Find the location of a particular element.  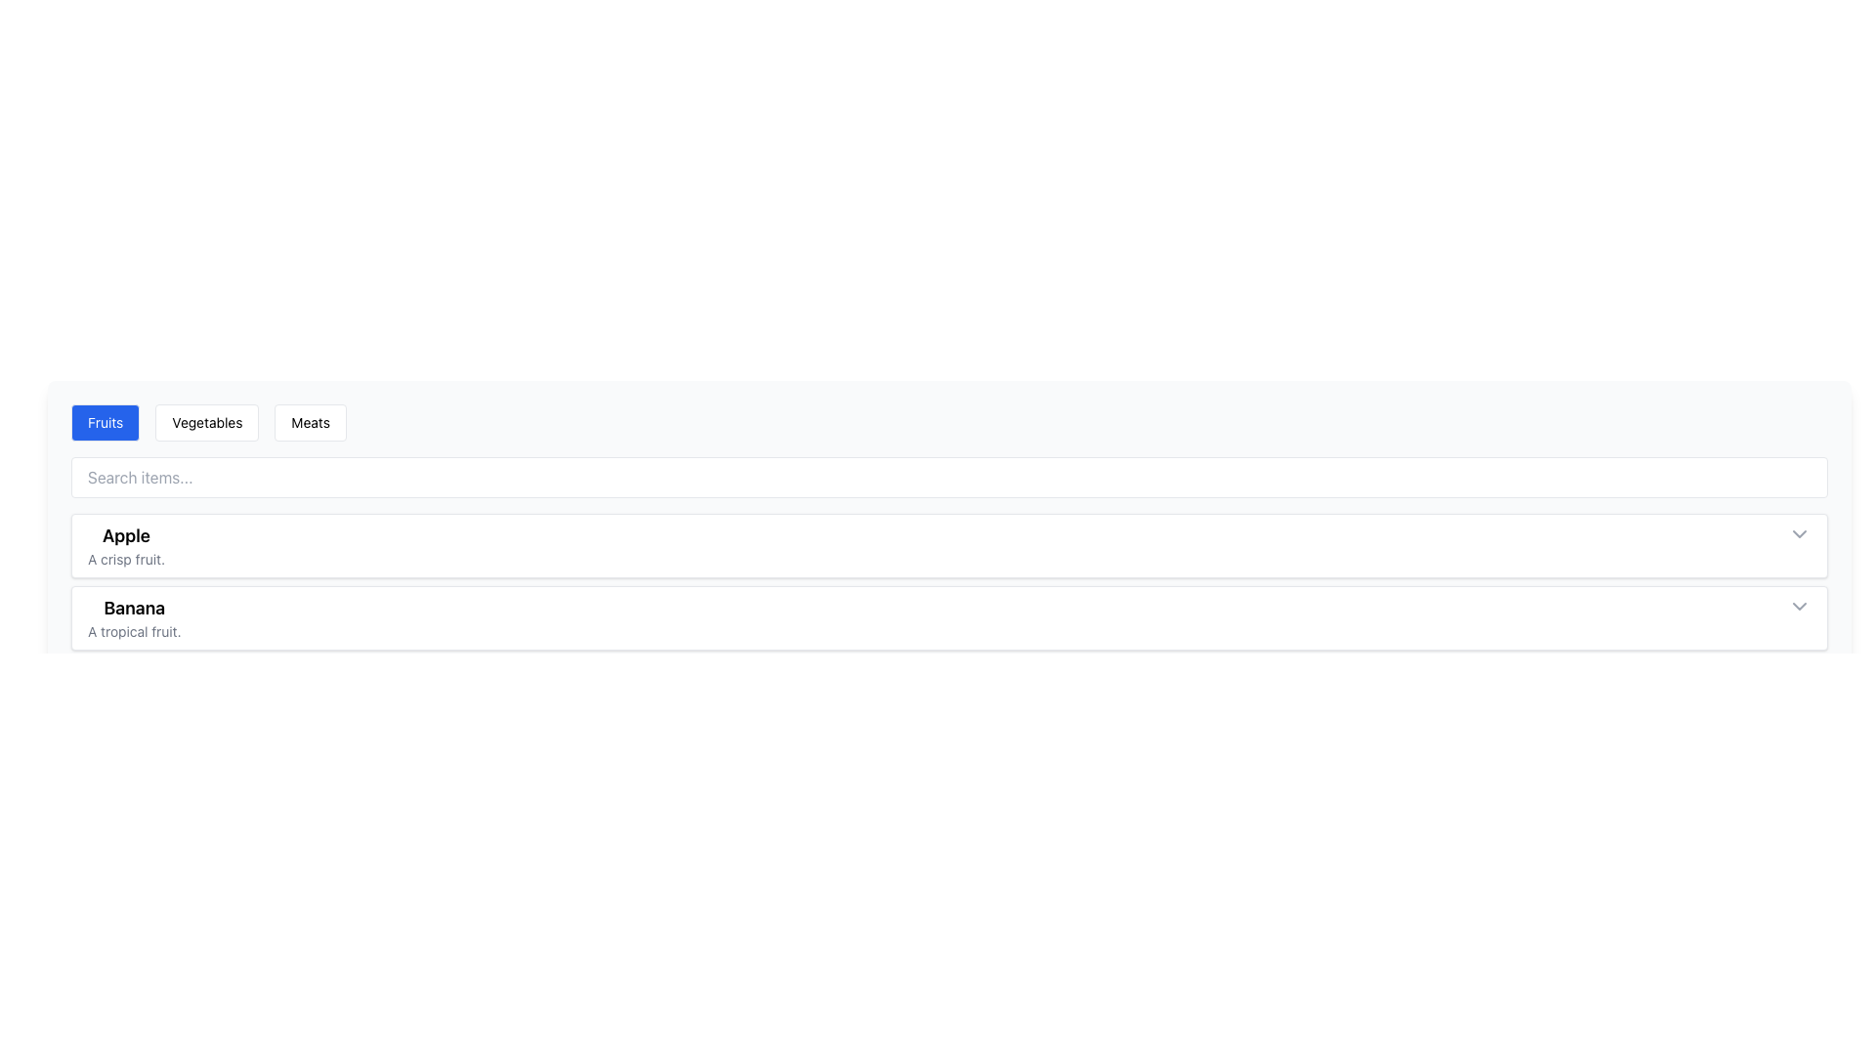

description text label that provides secondary information about the fruit 'Apple', stating 'A crisp fruit.' is located at coordinates (125, 560).